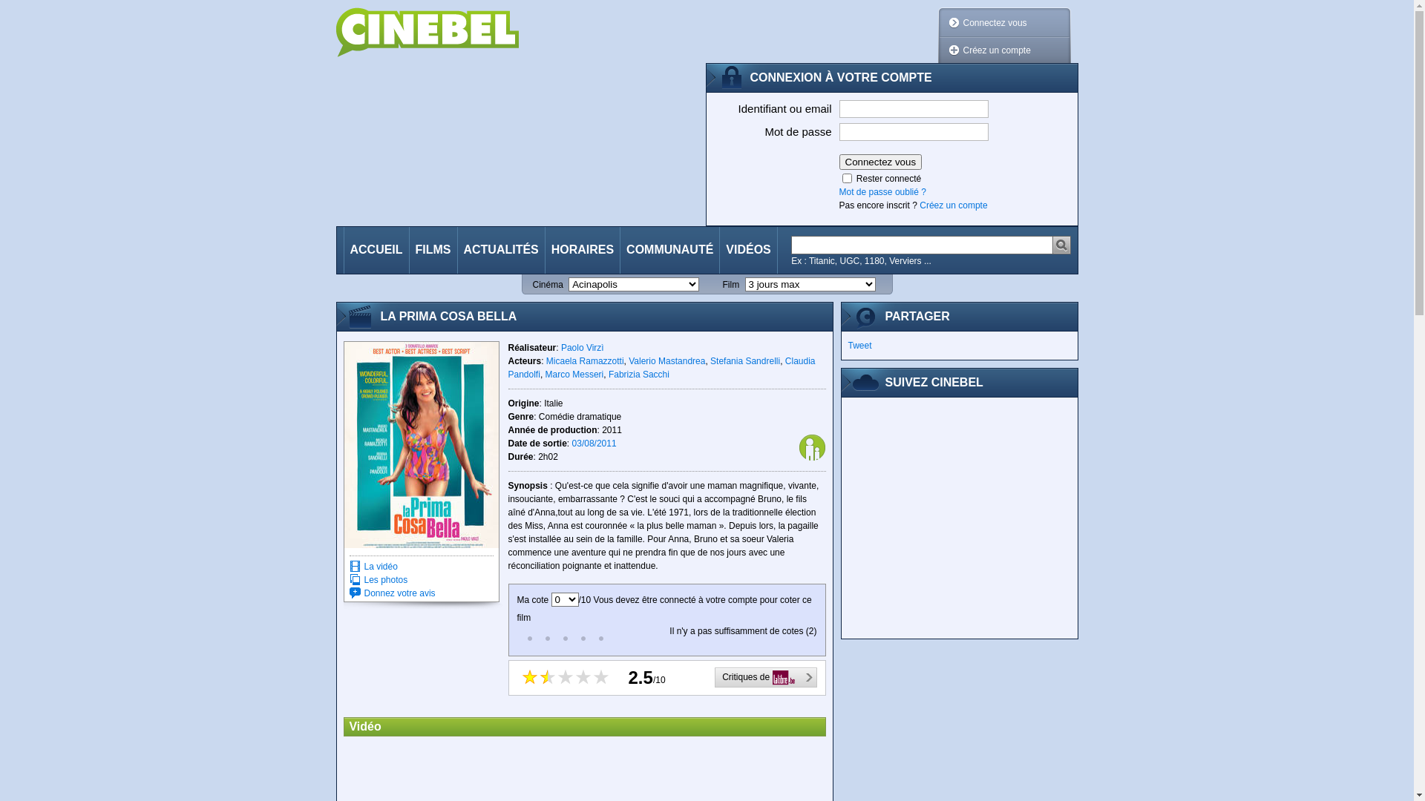  What do you see at coordinates (594, 442) in the screenshot?
I see `'03/08/2011'` at bounding box center [594, 442].